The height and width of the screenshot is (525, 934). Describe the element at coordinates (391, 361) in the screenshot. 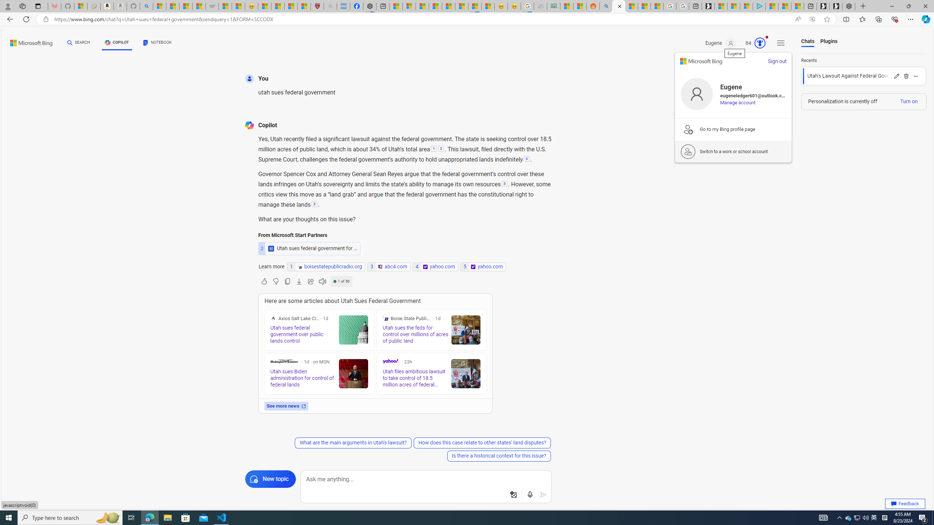

I see `'Yahoo'` at that location.